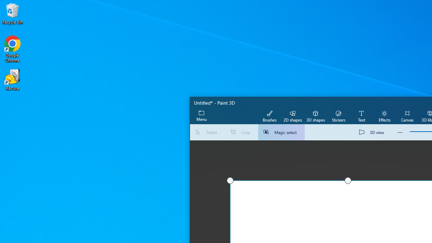 The height and width of the screenshot is (243, 432). What do you see at coordinates (201, 115) in the screenshot?
I see `'Expand menu'` at bounding box center [201, 115].